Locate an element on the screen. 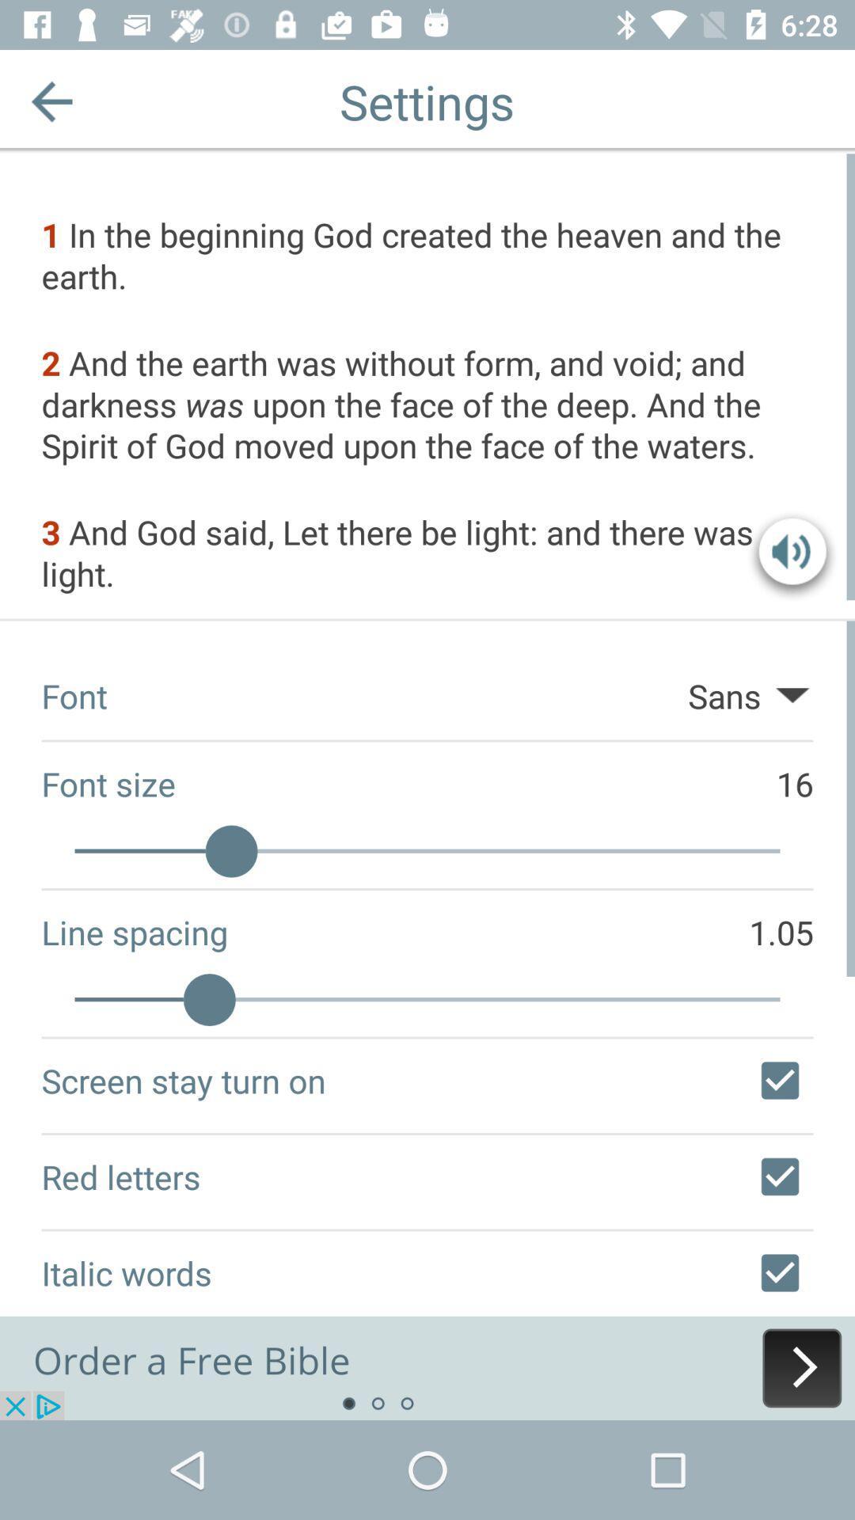  previous is located at coordinates (51, 101).